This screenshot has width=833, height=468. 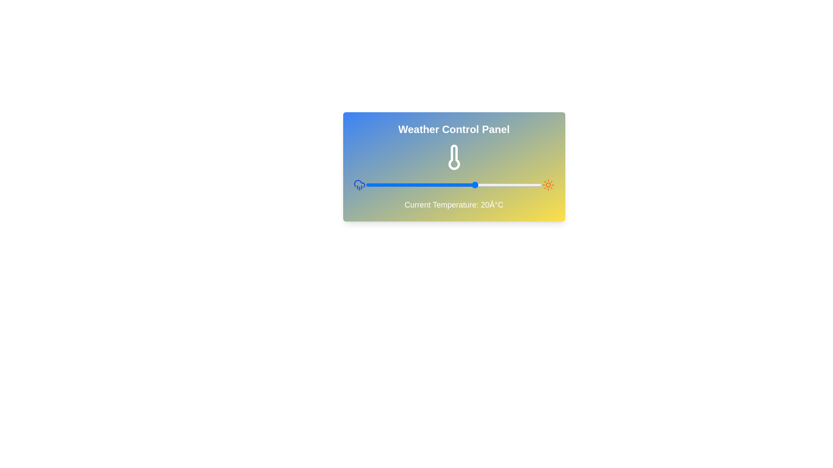 I want to click on the temperature slider to 22°C, so click(x=480, y=185).